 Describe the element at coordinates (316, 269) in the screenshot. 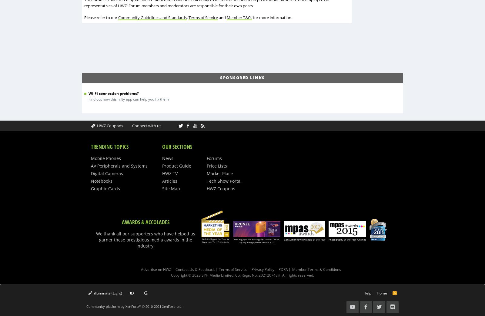

I see `'Member Terms & Conditions'` at that location.